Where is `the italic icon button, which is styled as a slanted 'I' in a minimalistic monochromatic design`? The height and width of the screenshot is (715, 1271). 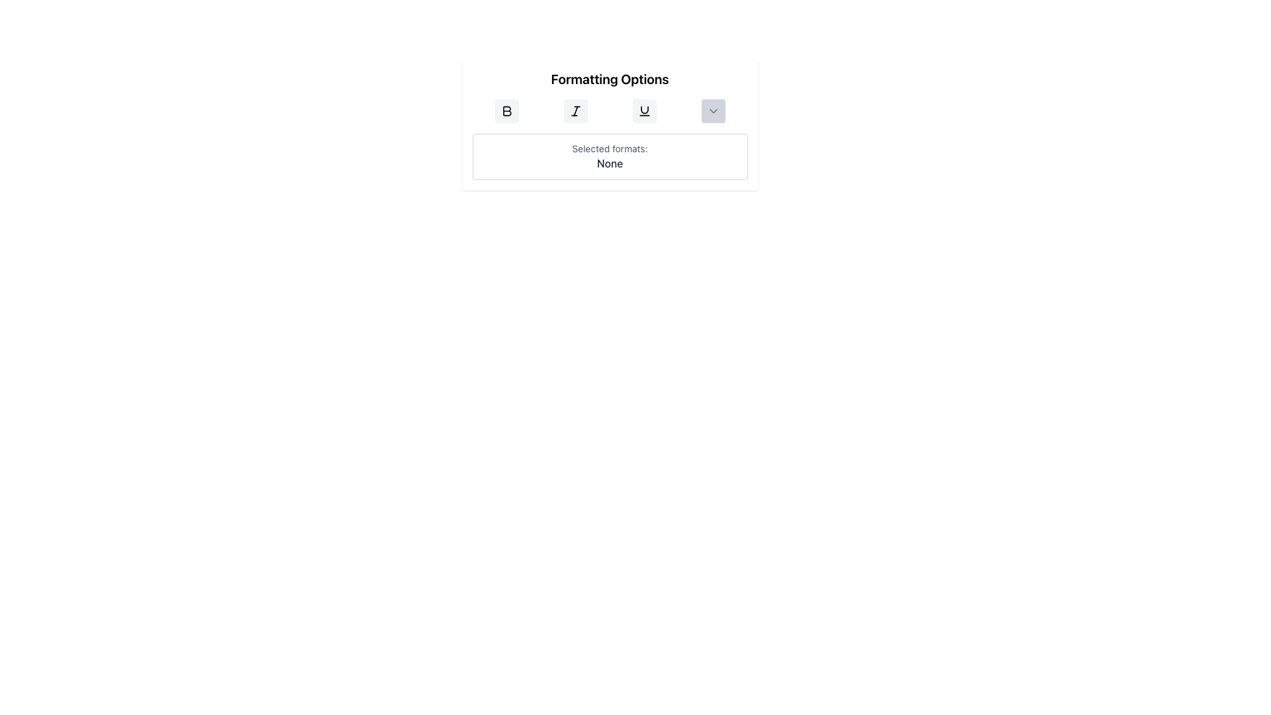 the italic icon button, which is styled as a slanted 'I' in a minimalistic monochromatic design is located at coordinates (575, 111).